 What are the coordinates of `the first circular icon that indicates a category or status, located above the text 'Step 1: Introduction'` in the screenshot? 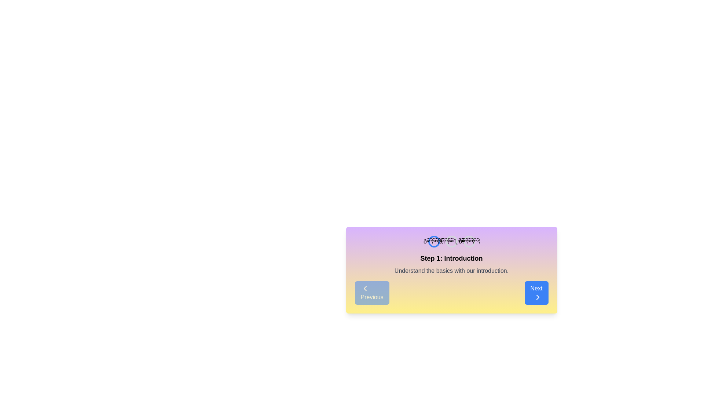 It's located at (434, 242).